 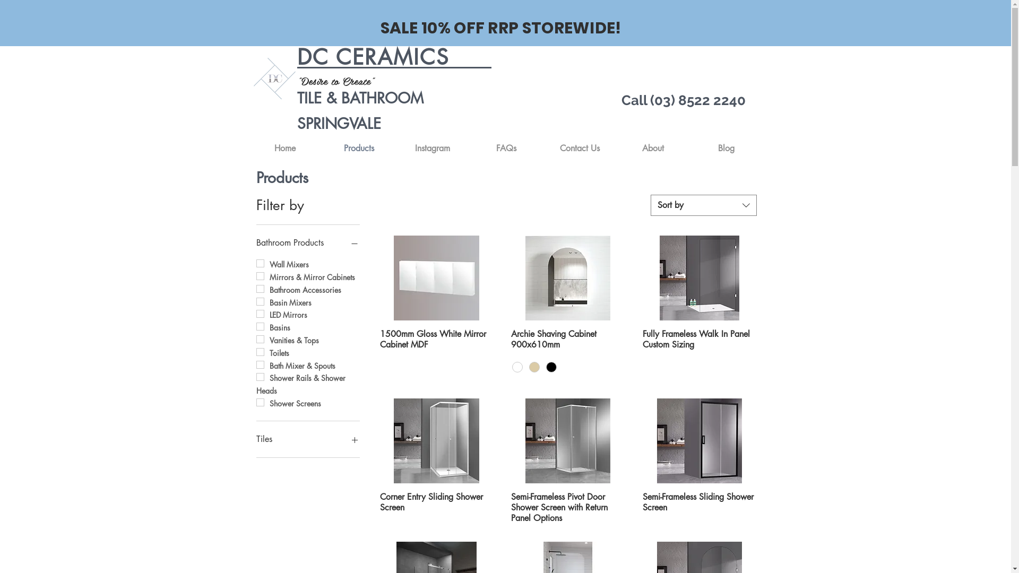 What do you see at coordinates (621, 100) in the screenshot?
I see `'Call (03) 8522 2240'` at bounding box center [621, 100].